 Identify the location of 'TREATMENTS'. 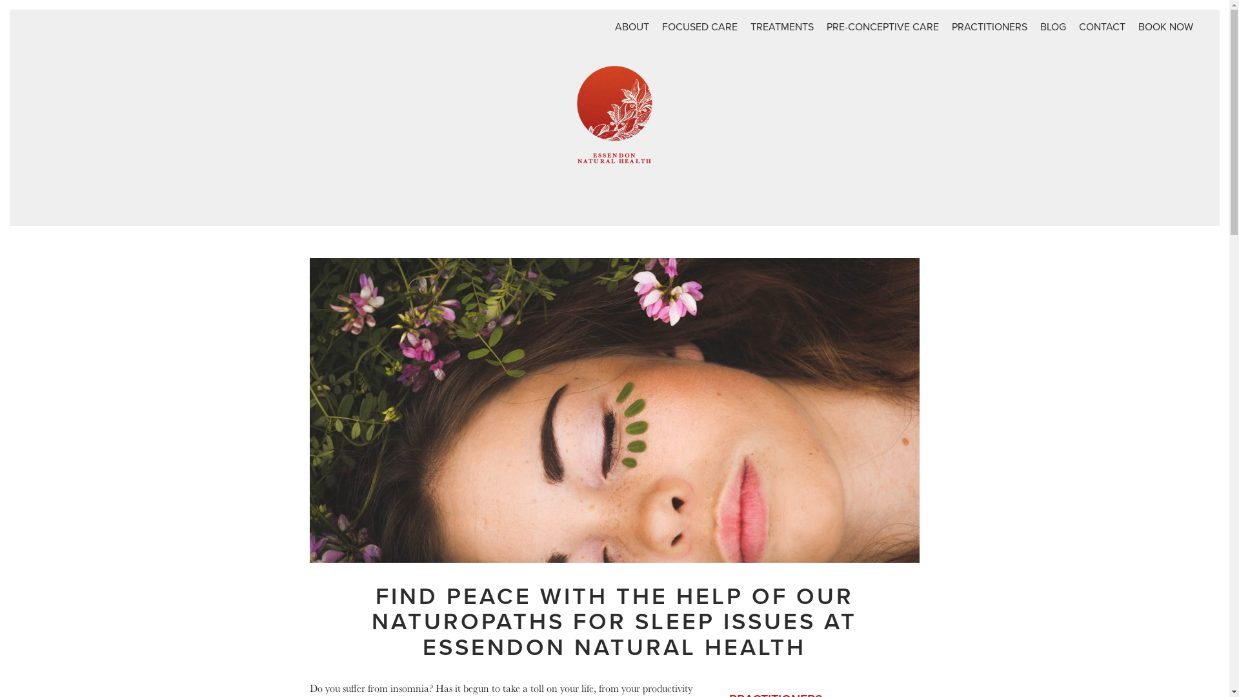
(781, 27).